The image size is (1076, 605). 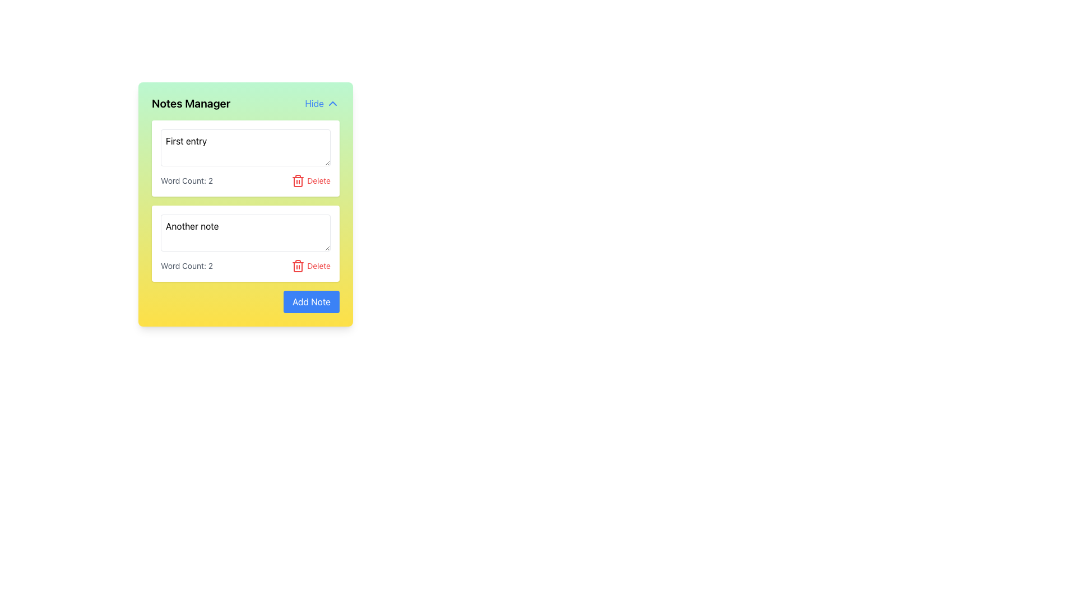 What do you see at coordinates (311, 266) in the screenshot?
I see `the second 'Delete' button in the note management interface` at bounding box center [311, 266].